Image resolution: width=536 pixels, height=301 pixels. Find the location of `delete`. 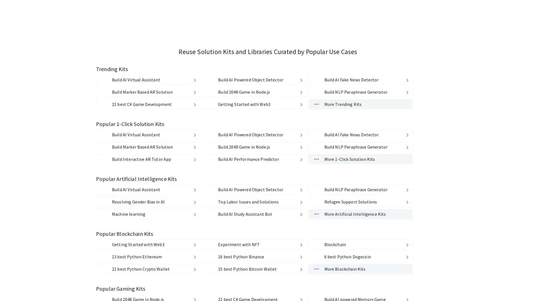

delete is located at coordinates (399, 232).